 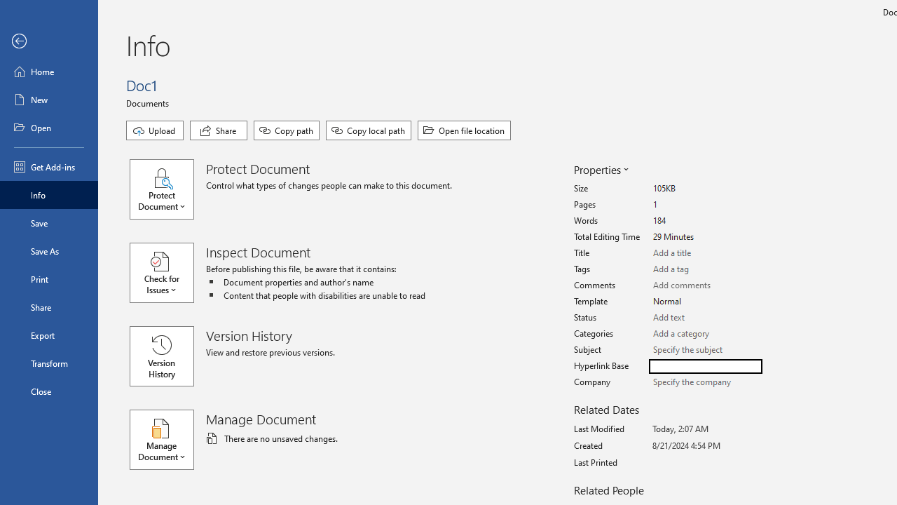 What do you see at coordinates (48, 194) in the screenshot?
I see `'Info'` at bounding box center [48, 194].